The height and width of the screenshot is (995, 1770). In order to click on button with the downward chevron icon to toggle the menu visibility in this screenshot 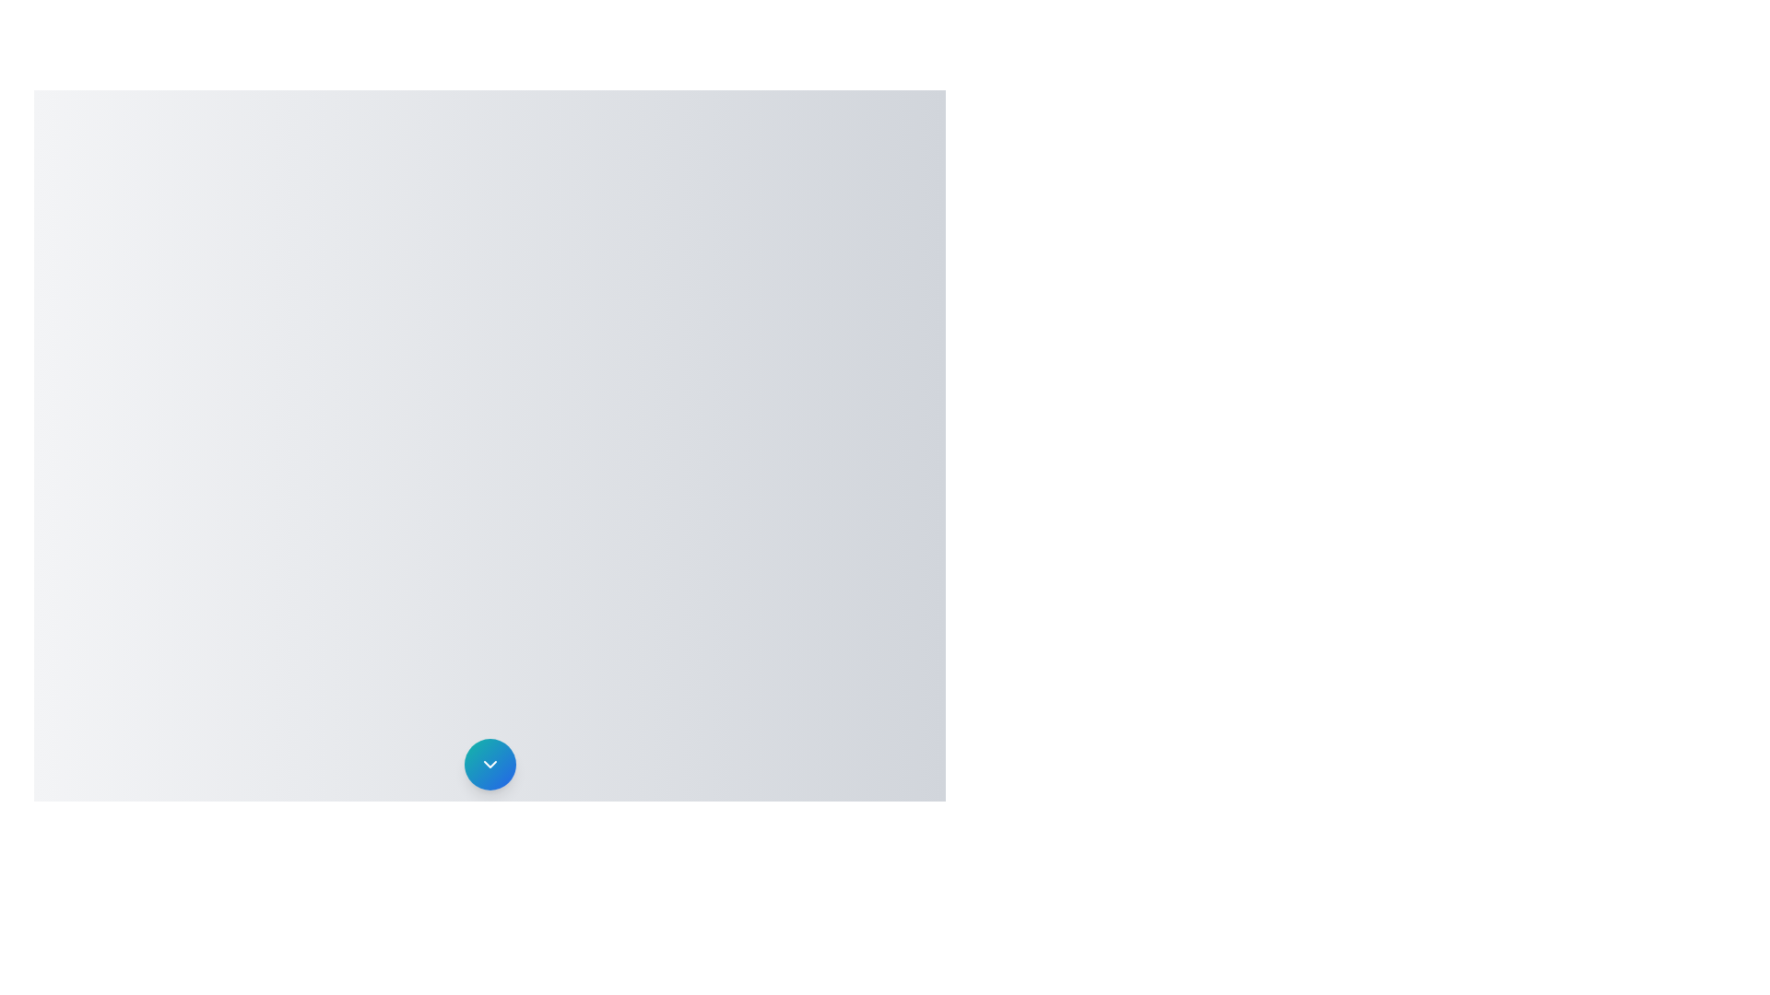, I will do `click(490, 764)`.